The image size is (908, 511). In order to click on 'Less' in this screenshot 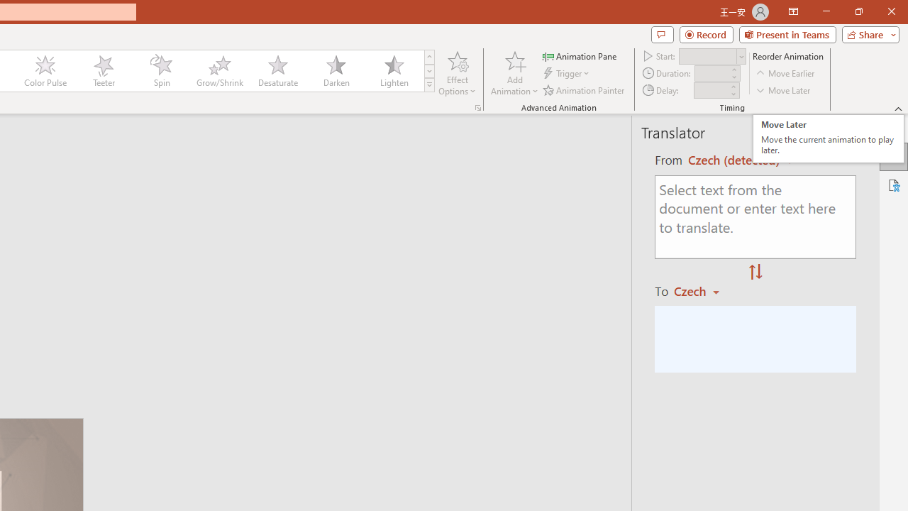, I will do `click(733, 94)`.